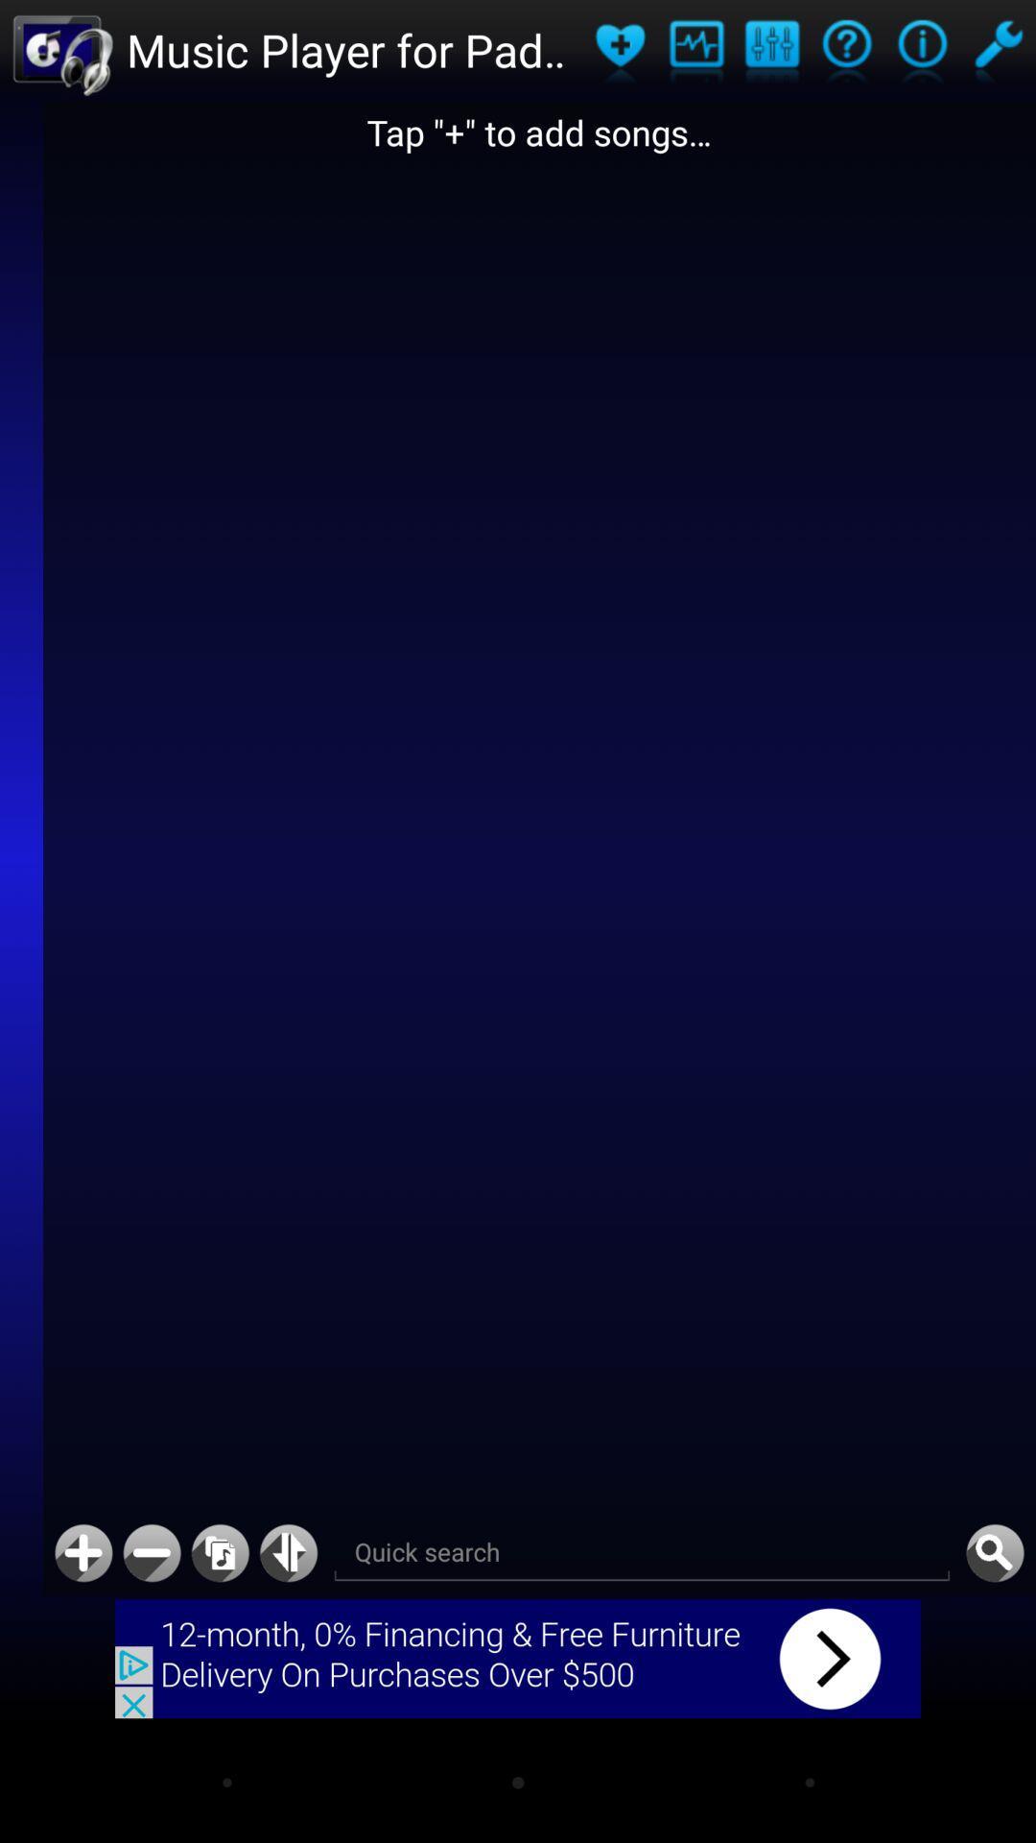 The image size is (1036, 1843). What do you see at coordinates (151, 1661) in the screenshot?
I see `the minus icon` at bounding box center [151, 1661].